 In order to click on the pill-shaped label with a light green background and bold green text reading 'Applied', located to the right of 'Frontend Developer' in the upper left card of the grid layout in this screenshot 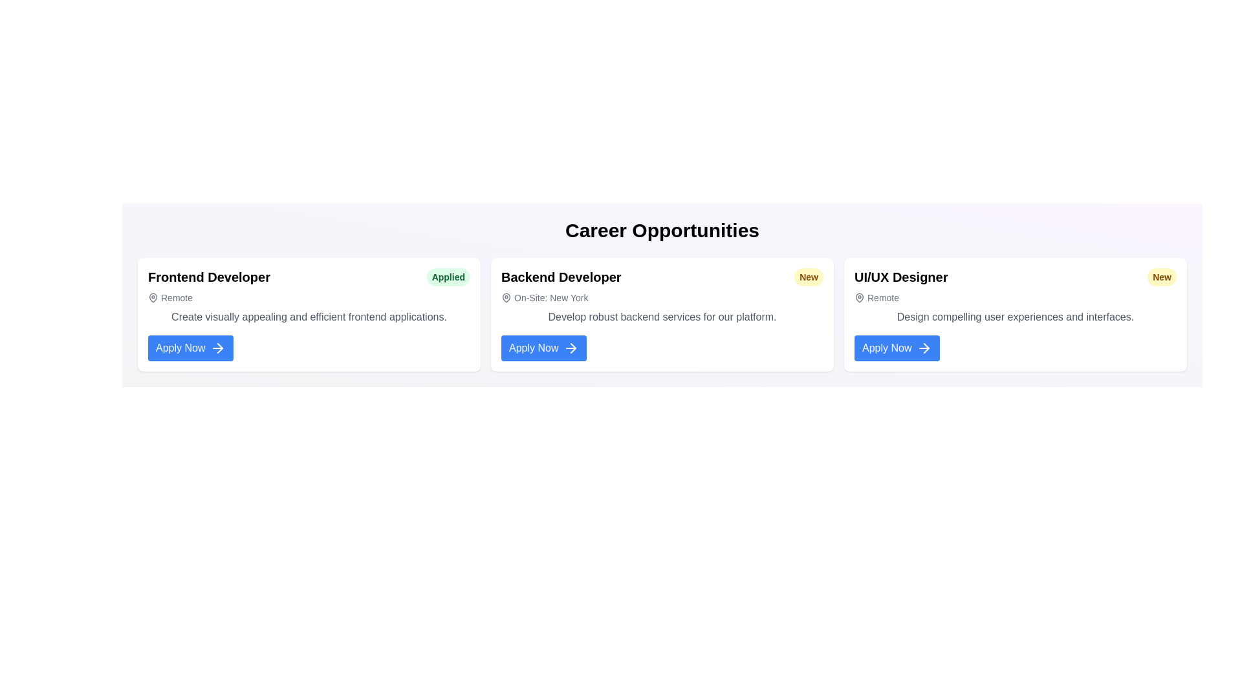, I will do `click(448, 276)`.